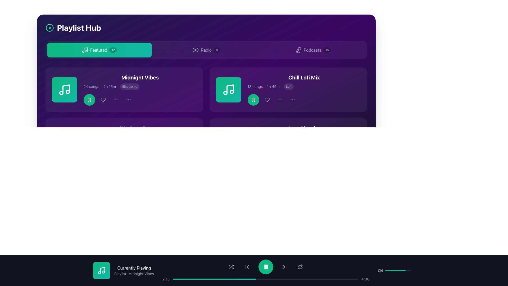 Image resolution: width=508 pixels, height=286 pixels. Describe the element at coordinates (228, 90) in the screenshot. I see `the playlist icon located to the left of the 'Chill Lofi Mix' text` at that location.